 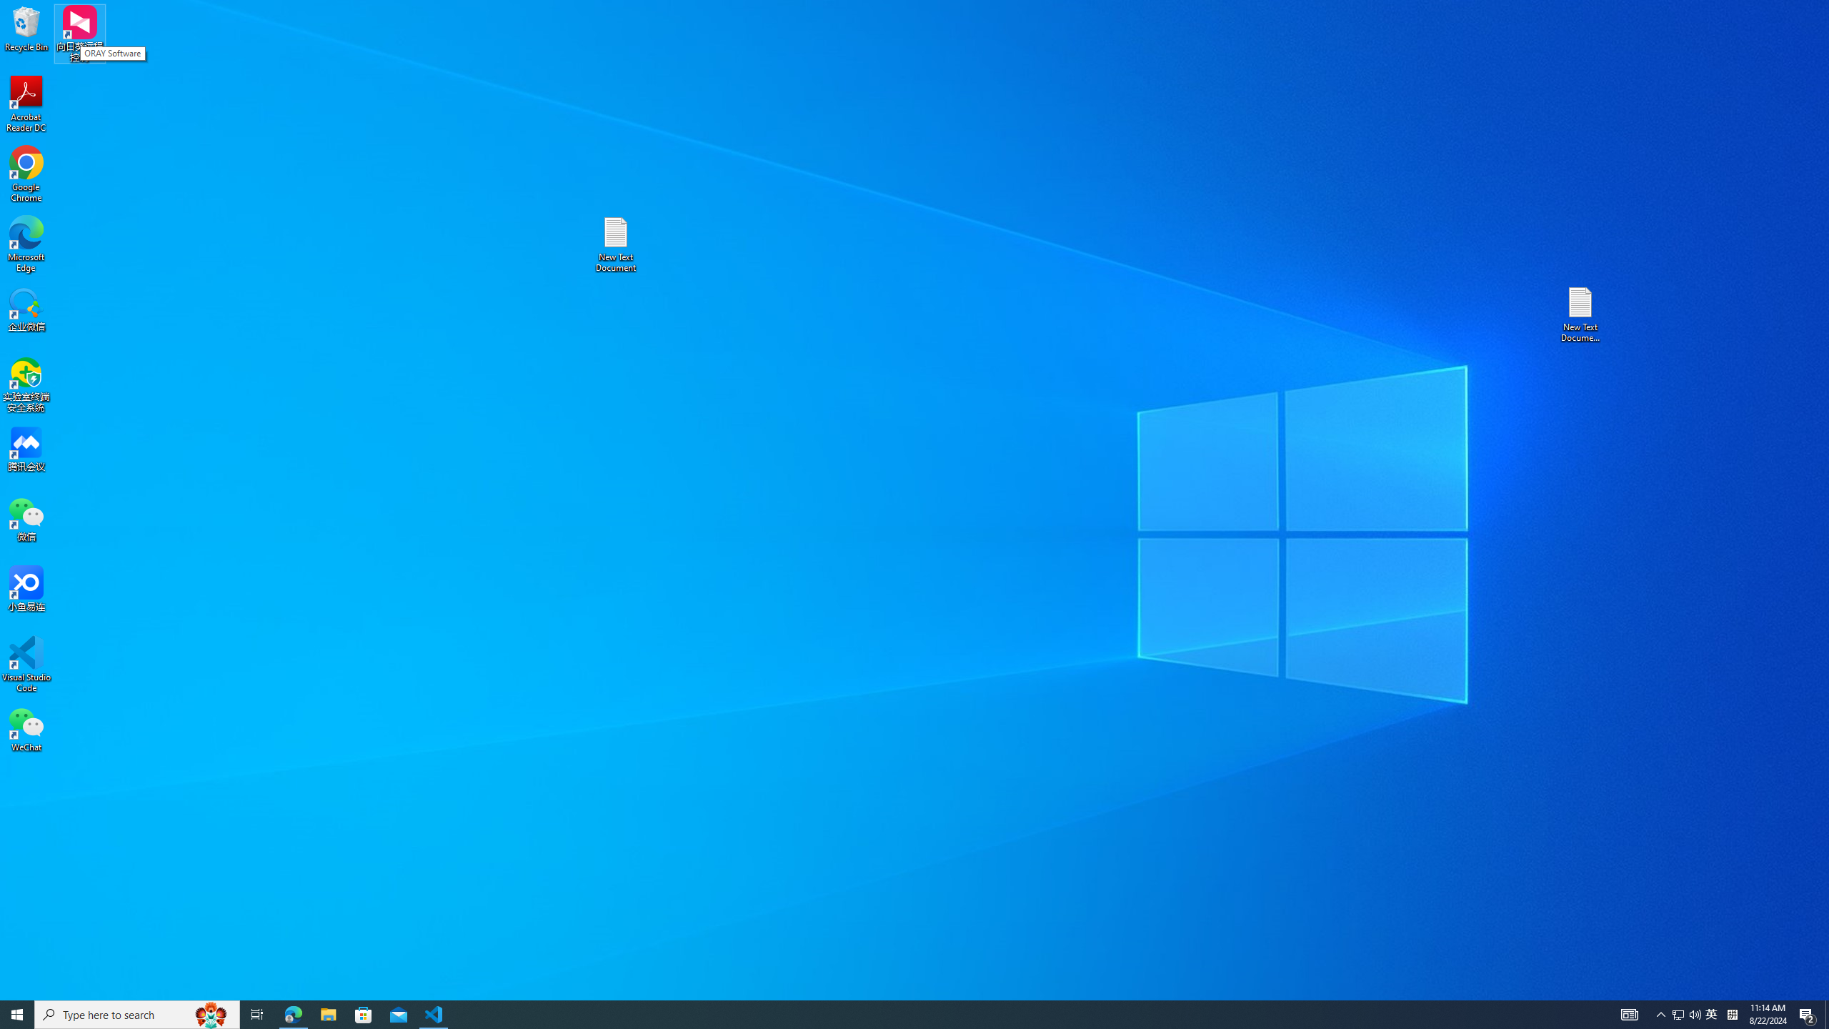 What do you see at coordinates (136, 1013) in the screenshot?
I see `'Type here to search'` at bounding box center [136, 1013].